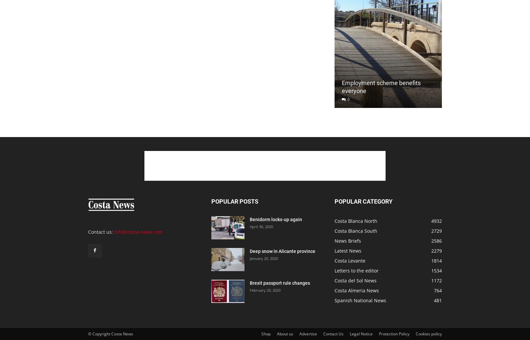 The height and width of the screenshot is (340, 530). I want to click on 'January 20, 2020', so click(264, 258).